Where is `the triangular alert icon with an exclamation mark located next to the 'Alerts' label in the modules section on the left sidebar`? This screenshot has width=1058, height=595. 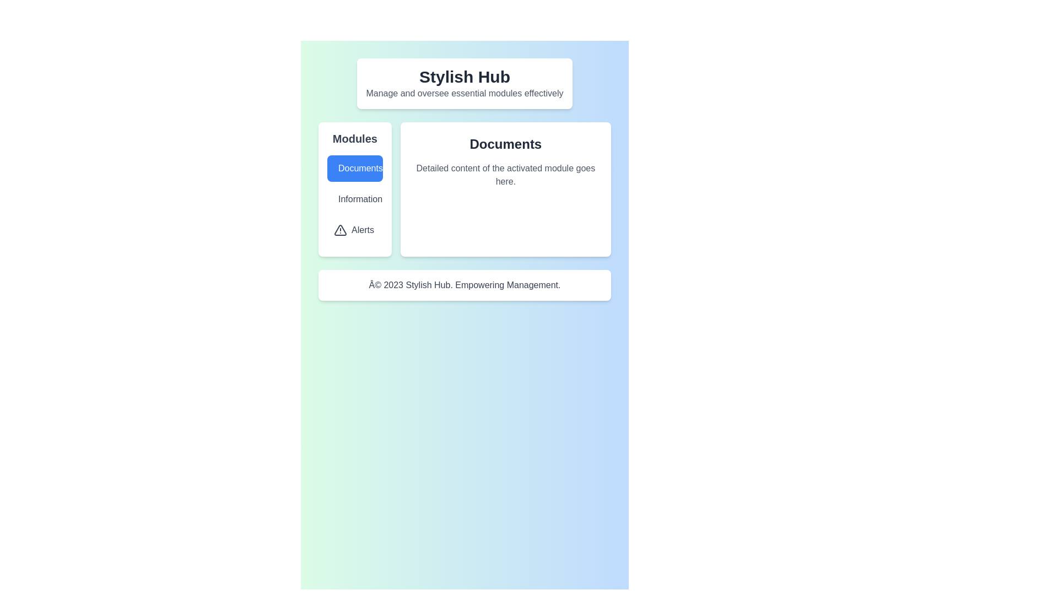 the triangular alert icon with an exclamation mark located next to the 'Alerts' label in the modules section on the left sidebar is located at coordinates (340, 229).